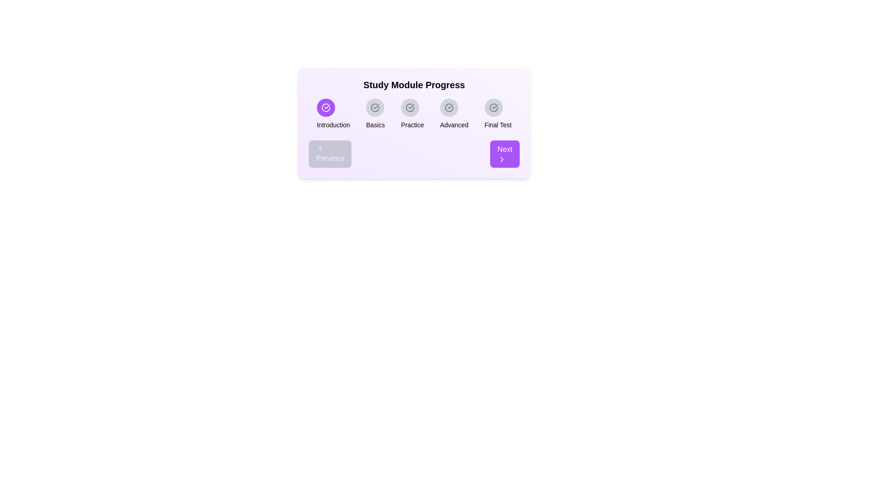  Describe the element at coordinates (454, 113) in the screenshot. I see `the circular icon with a checkmark symbol and the text label 'Advanced'` at that location.